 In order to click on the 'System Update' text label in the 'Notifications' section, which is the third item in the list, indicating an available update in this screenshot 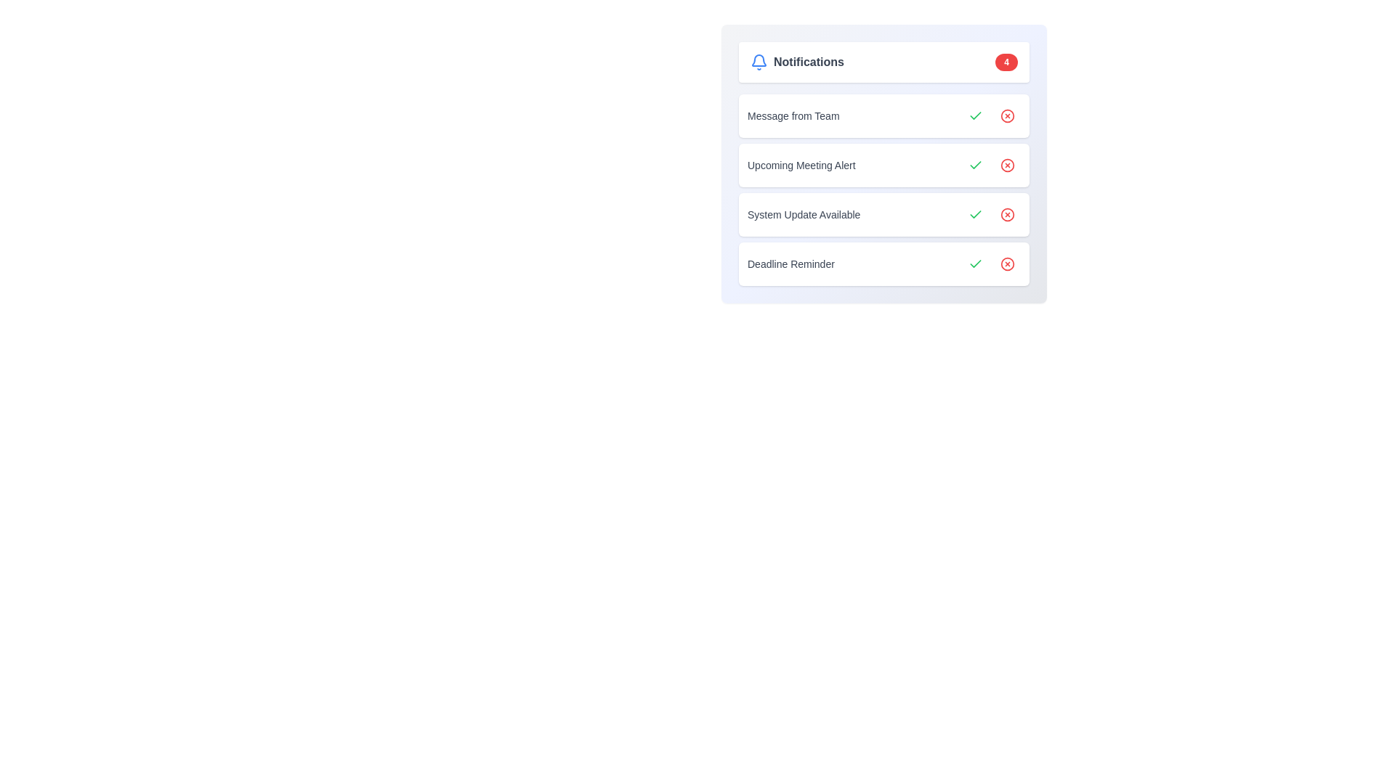, I will do `click(803, 215)`.